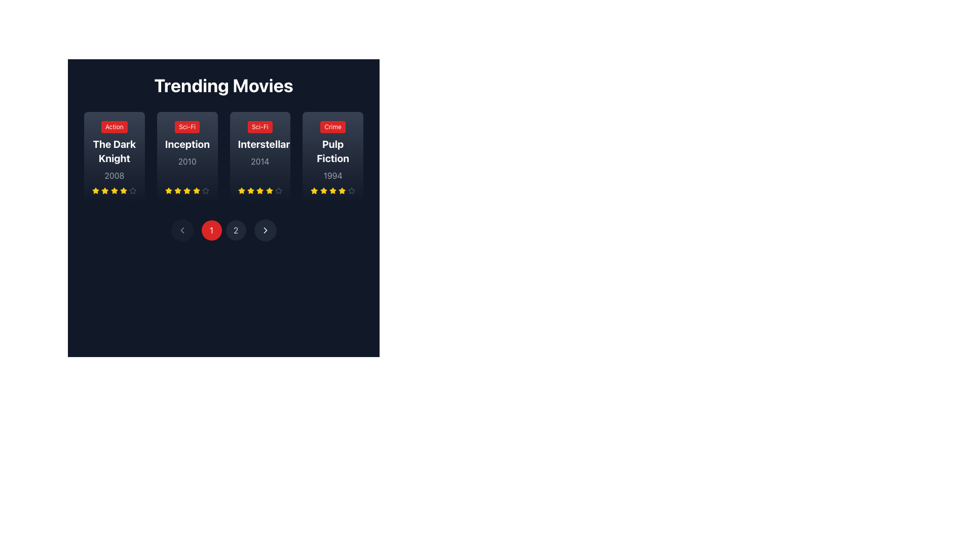 The image size is (973, 547). What do you see at coordinates (114, 190) in the screenshot?
I see `the star icons in the rating system displayed beneath the movie title 'The Dark Knight'` at bounding box center [114, 190].